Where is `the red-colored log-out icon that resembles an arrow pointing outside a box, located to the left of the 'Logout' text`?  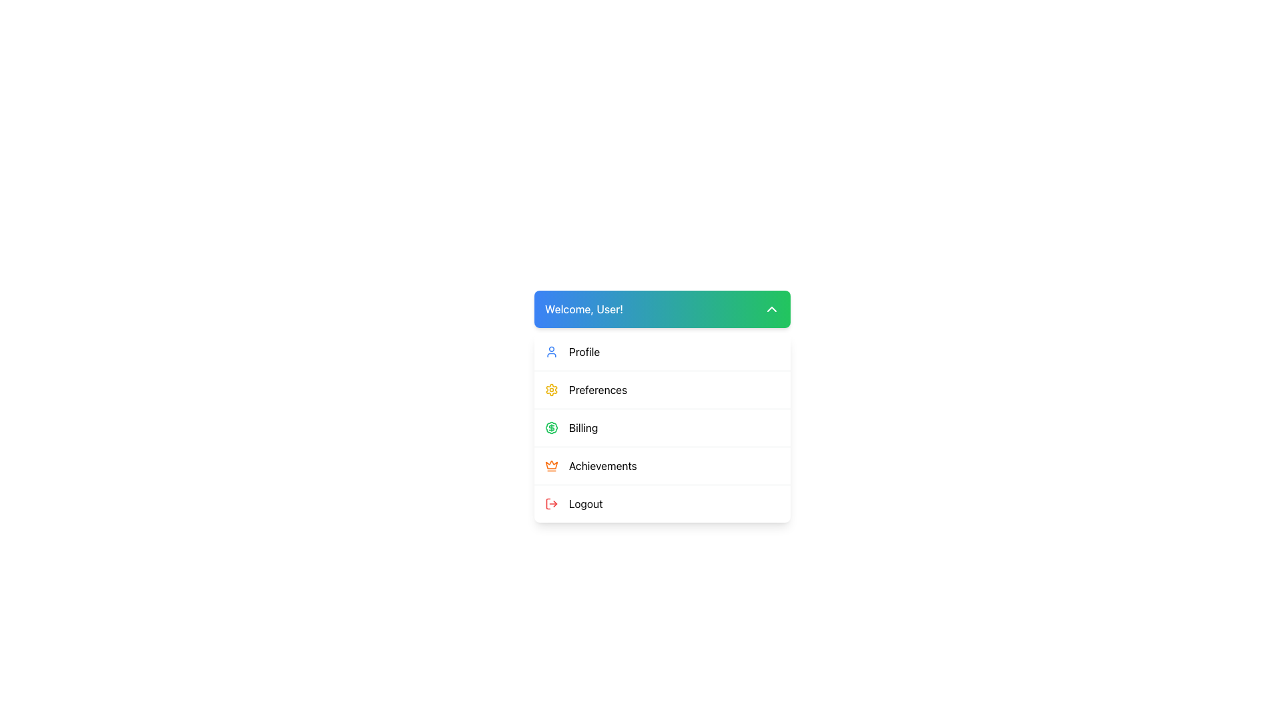 the red-colored log-out icon that resembles an arrow pointing outside a box, located to the left of the 'Logout' text is located at coordinates (551, 504).